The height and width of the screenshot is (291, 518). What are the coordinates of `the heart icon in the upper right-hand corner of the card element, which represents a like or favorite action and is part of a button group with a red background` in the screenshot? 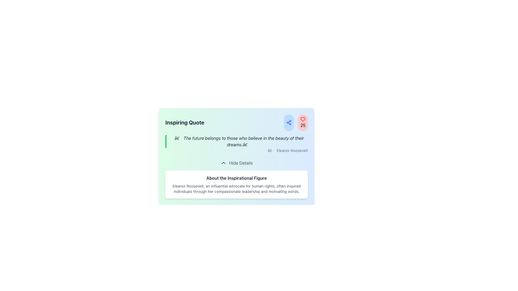 It's located at (303, 119).